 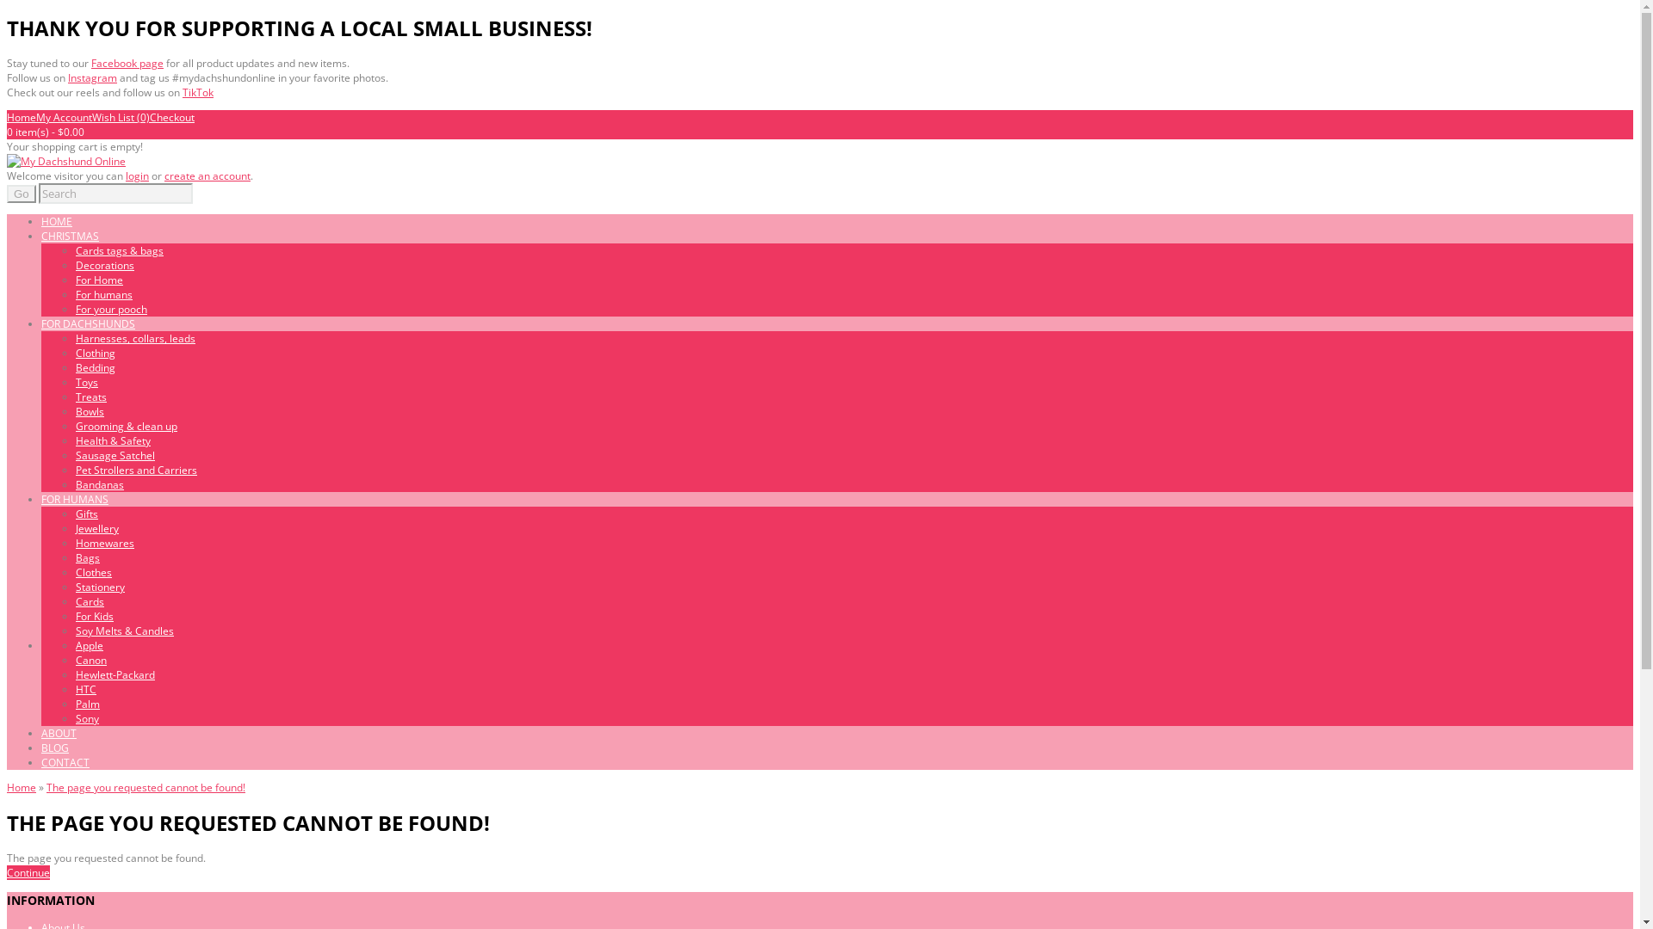 What do you see at coordinates (96, 527) in the screenshot?
I see `'Jewellery'` at bounding box center [96, 527].